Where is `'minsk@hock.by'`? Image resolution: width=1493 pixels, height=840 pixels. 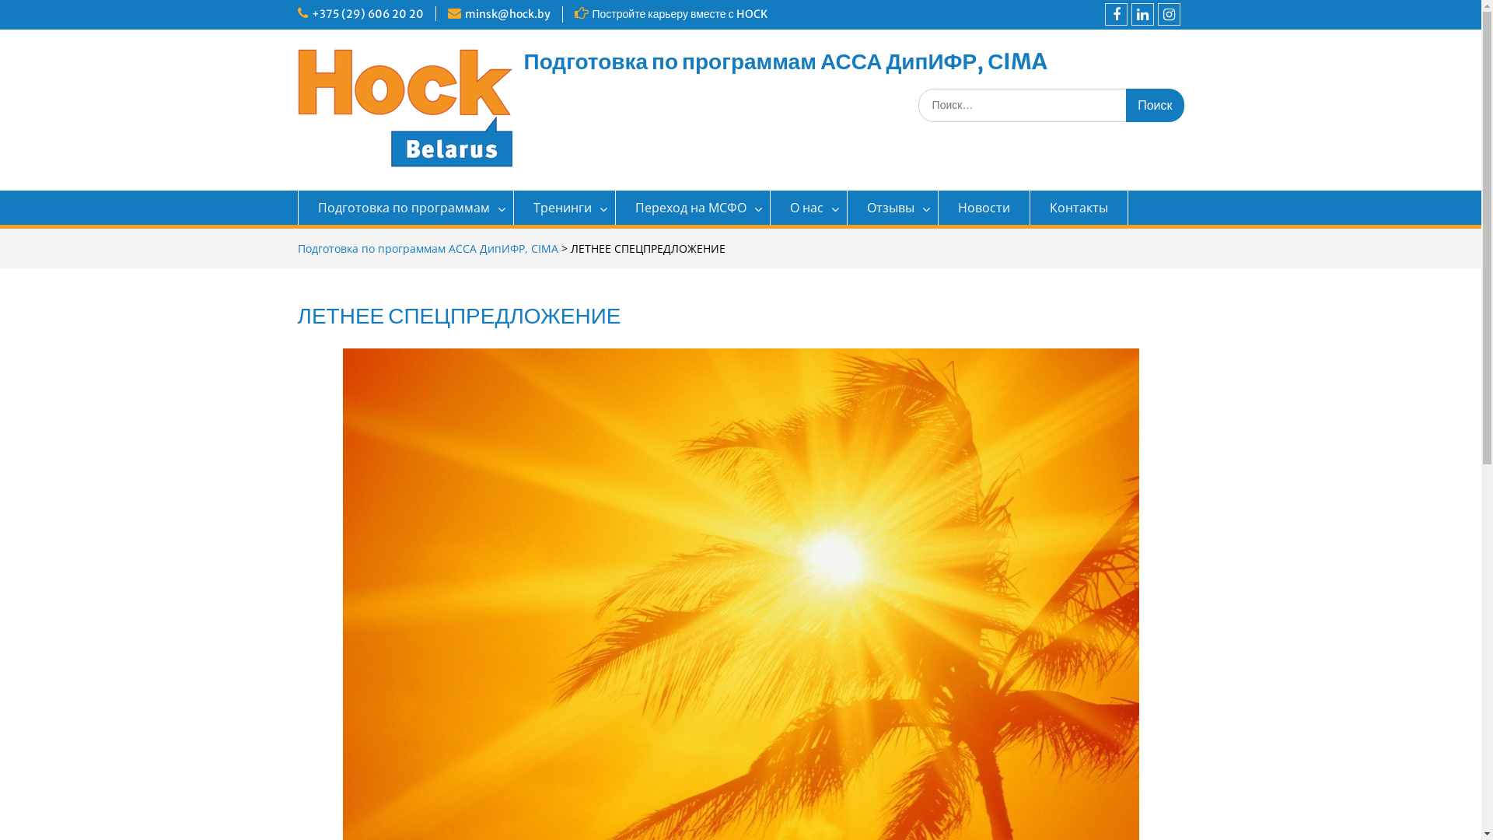
'minsk@hock.by' is located at coordinates (464, 14).